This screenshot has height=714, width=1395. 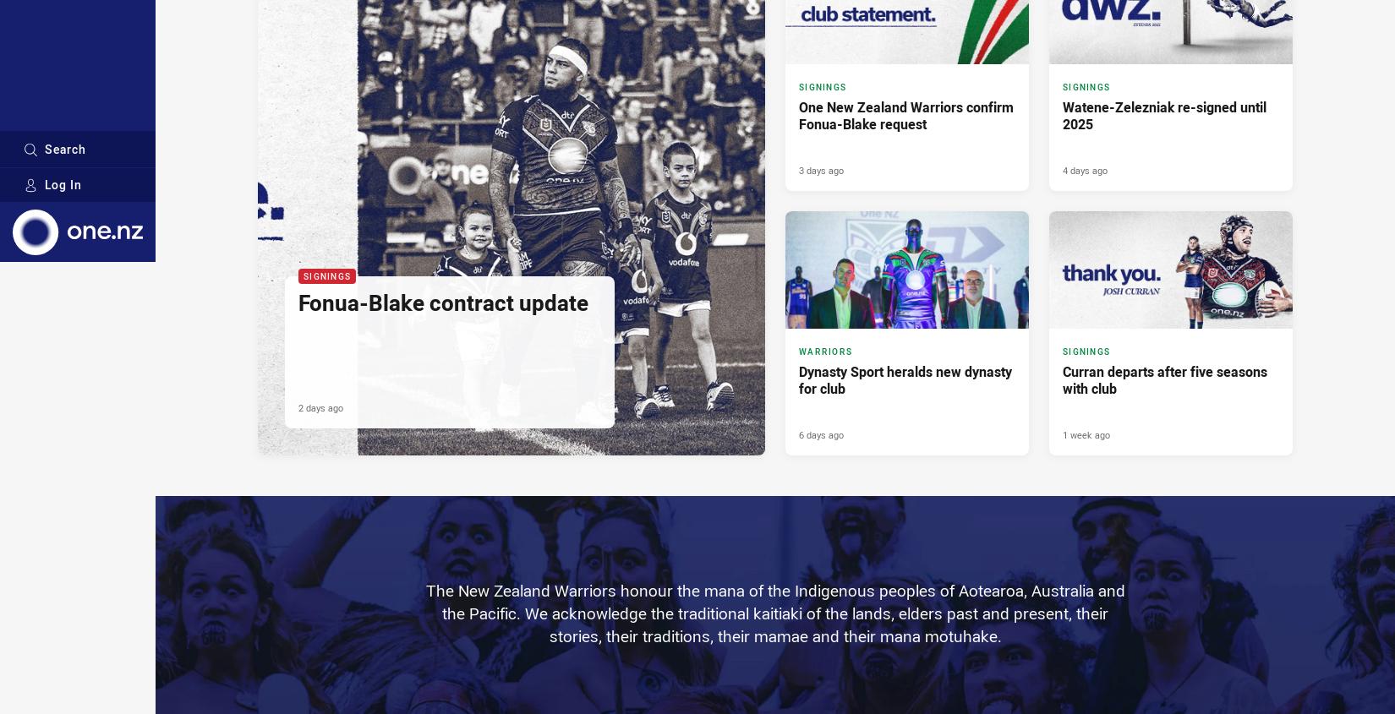 I want to click on '4 days ago', so click(x=1084, y=169).